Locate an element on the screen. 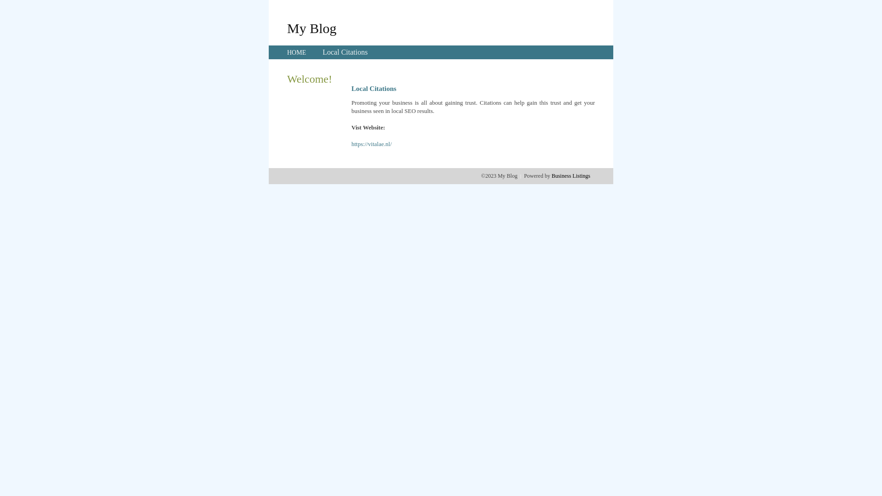  'HOME' is located at coordinates (296, 52).